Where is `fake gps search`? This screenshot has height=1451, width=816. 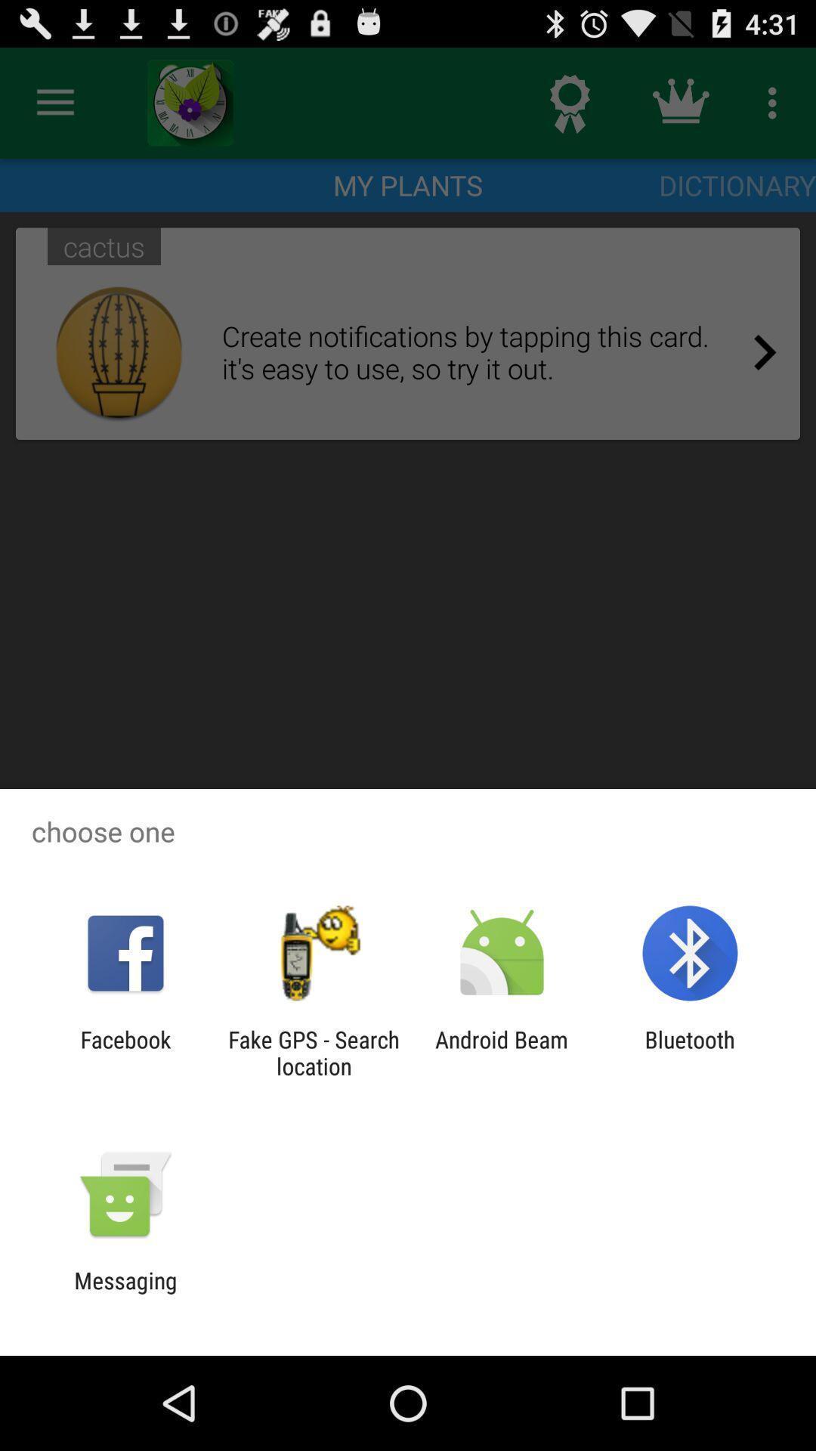 fake gps search is located at coordinates (313, 1052).